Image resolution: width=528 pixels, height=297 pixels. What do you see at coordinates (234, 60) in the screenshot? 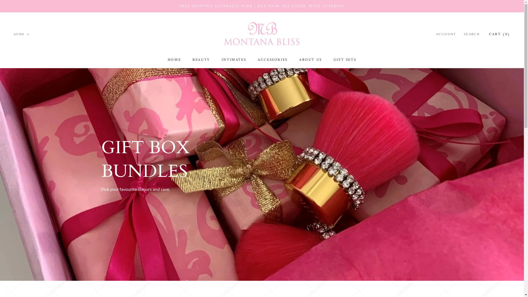
I see `'INTIMATES` at bounding box center [234, 60].